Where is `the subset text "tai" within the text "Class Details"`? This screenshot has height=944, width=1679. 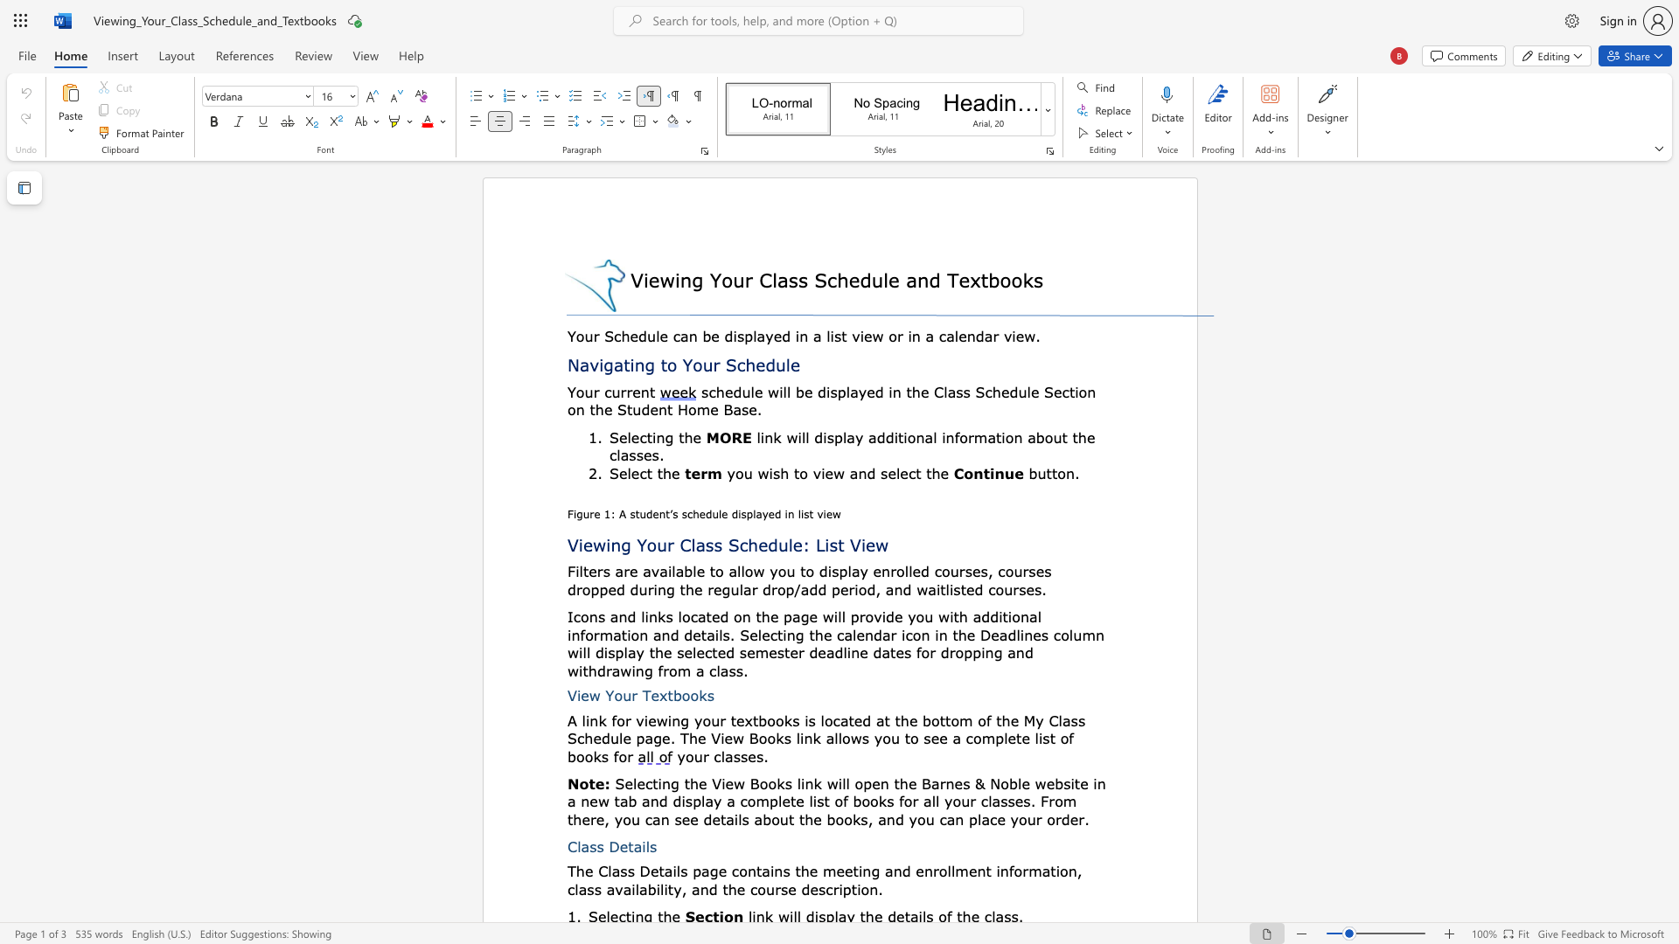
the subset text "tai" within the text "Class Details" is located at coordinates (628, 845).